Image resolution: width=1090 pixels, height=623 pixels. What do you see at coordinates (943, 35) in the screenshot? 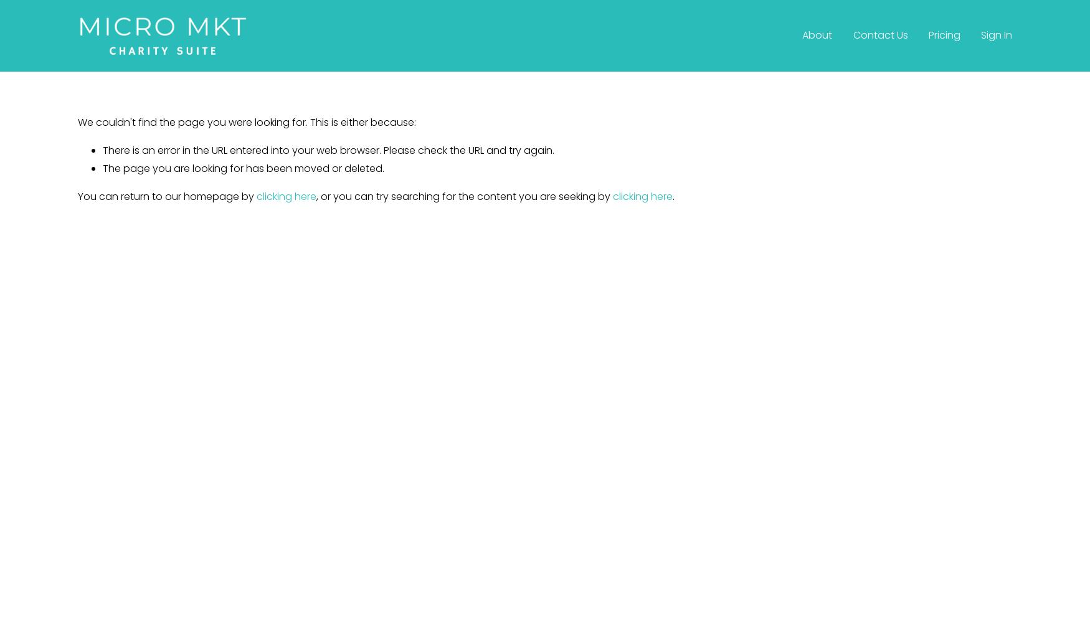
I see `'Pricing'` at bounding box center [943, 35].